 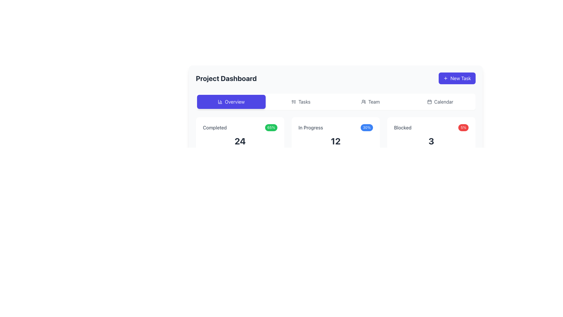 What do you see at coordinates (370, 102) in the screenshot?
I see `the 'Team' button located in the navigation bar, which is the third option among 'Overview', 'Tasks', and 'Calendar'` at bounding box center [370, 102].